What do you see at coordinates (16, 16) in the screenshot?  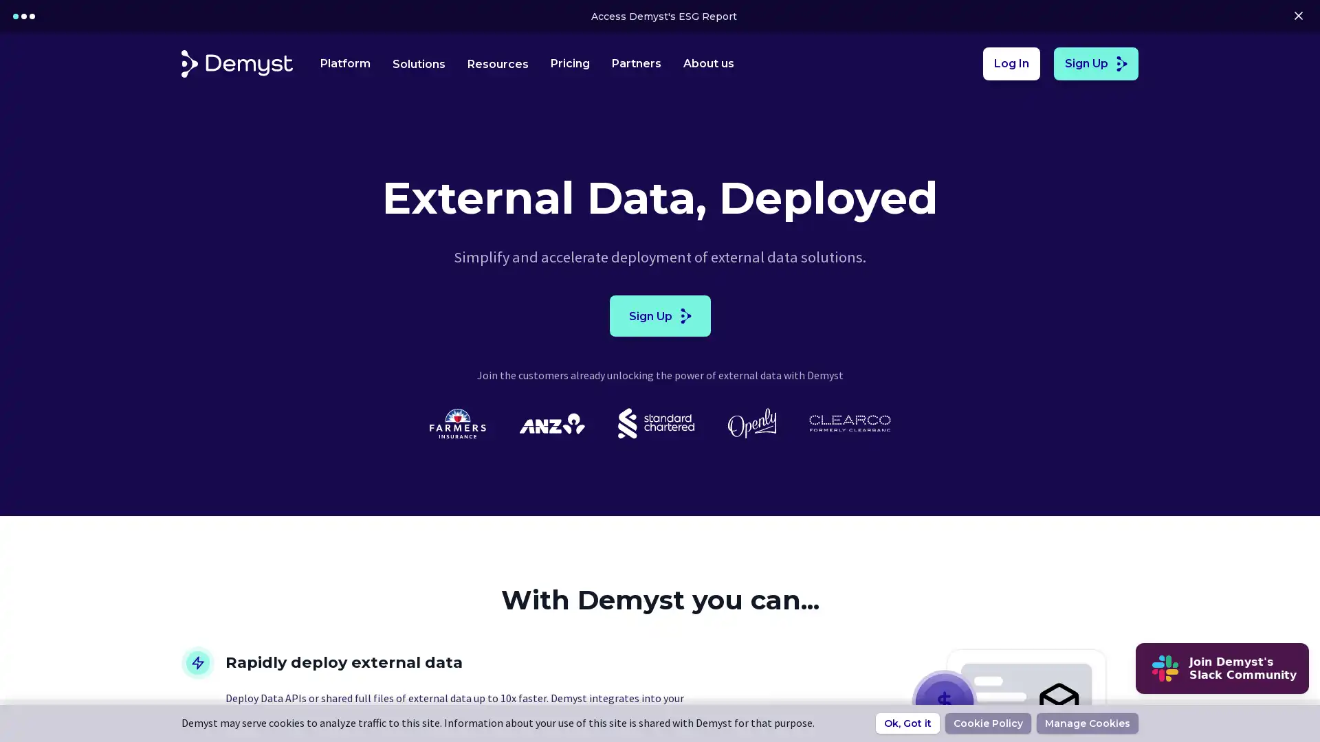 I see `Banner control button 0` at bounding box center [16, 16].